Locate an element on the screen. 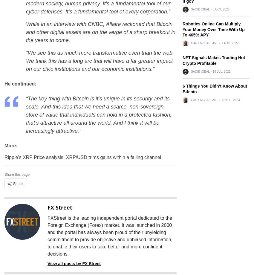 The height and width of the screenshot is (275, 254). '“We see this as much more transformative even than the web. We think this has a long arc that will have a far greater impact on our civic institutions and our economic institutions.”' is located at coordinates (26, 60).